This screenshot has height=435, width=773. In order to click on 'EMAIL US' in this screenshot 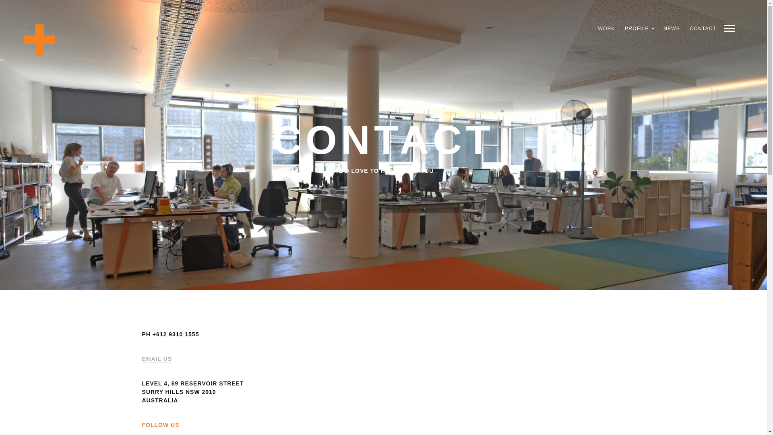, I will do `click(157, 358)`.